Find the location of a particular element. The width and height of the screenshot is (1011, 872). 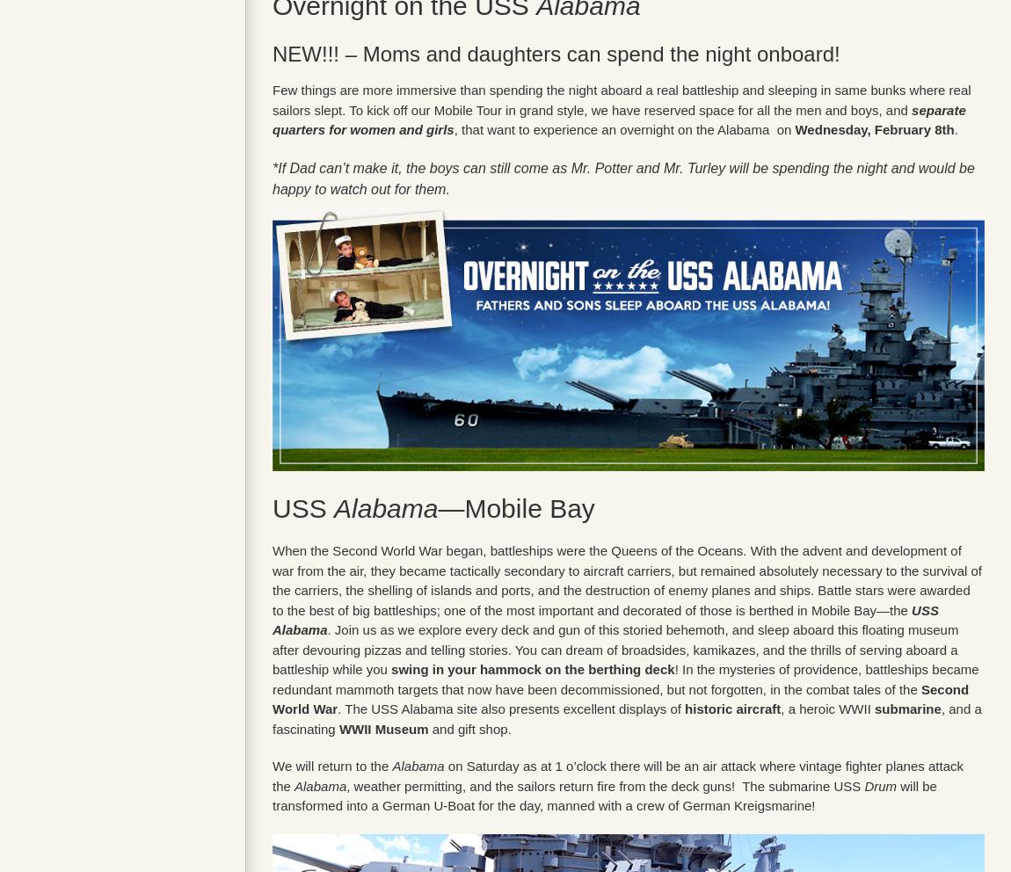

'Few things are more immersive than spending the night aboard a real battleship and sleeping in same bunks where real sailors slept. To kick off our Mobile Tour in grand style, we have reserved space for all the men and boys, and' is located at coordinates (621, 98).